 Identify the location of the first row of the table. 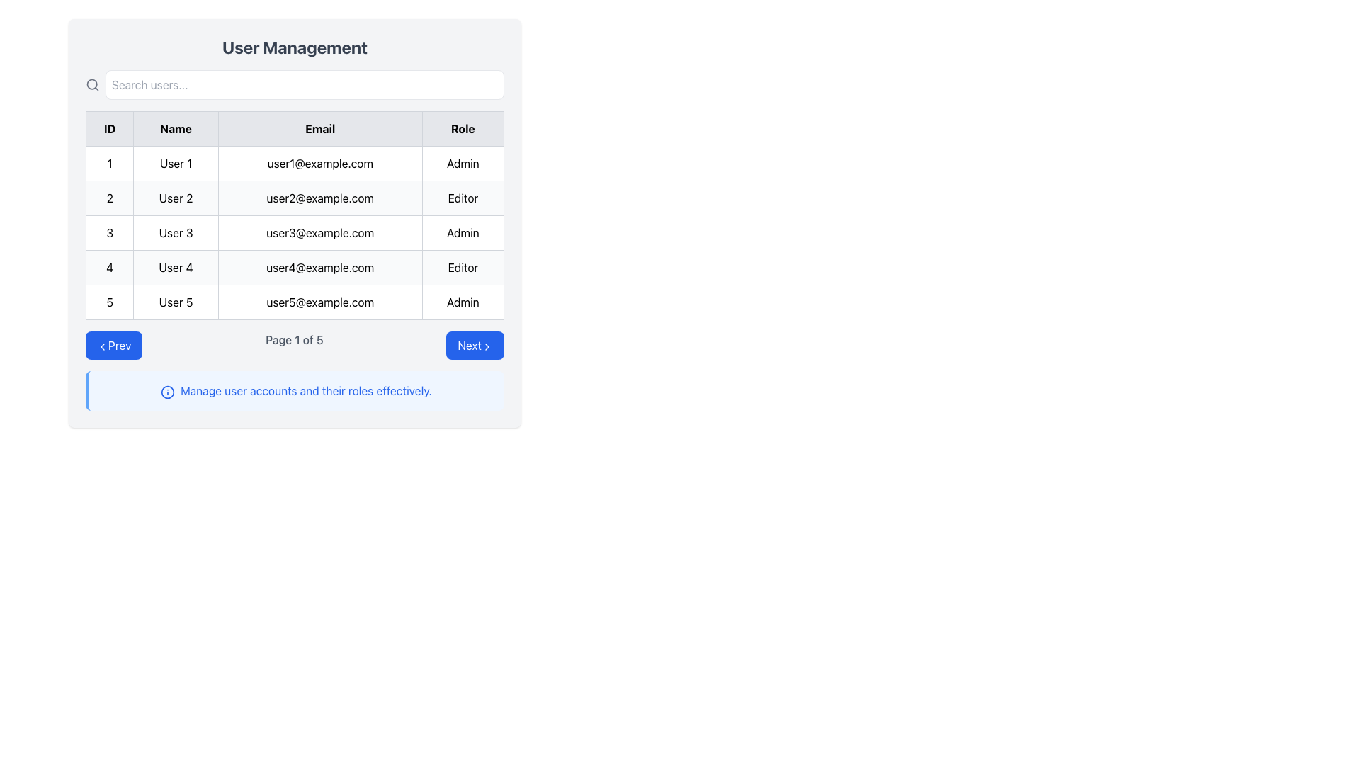
(294, 163).